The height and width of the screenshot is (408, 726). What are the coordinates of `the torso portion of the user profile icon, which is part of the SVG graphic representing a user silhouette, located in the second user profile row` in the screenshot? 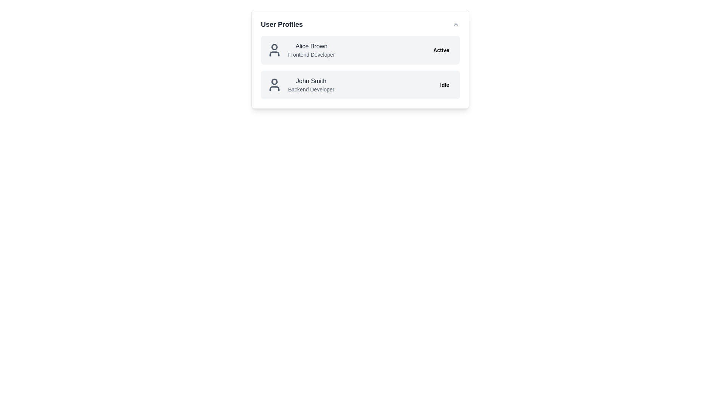 It's located at (274, 88).